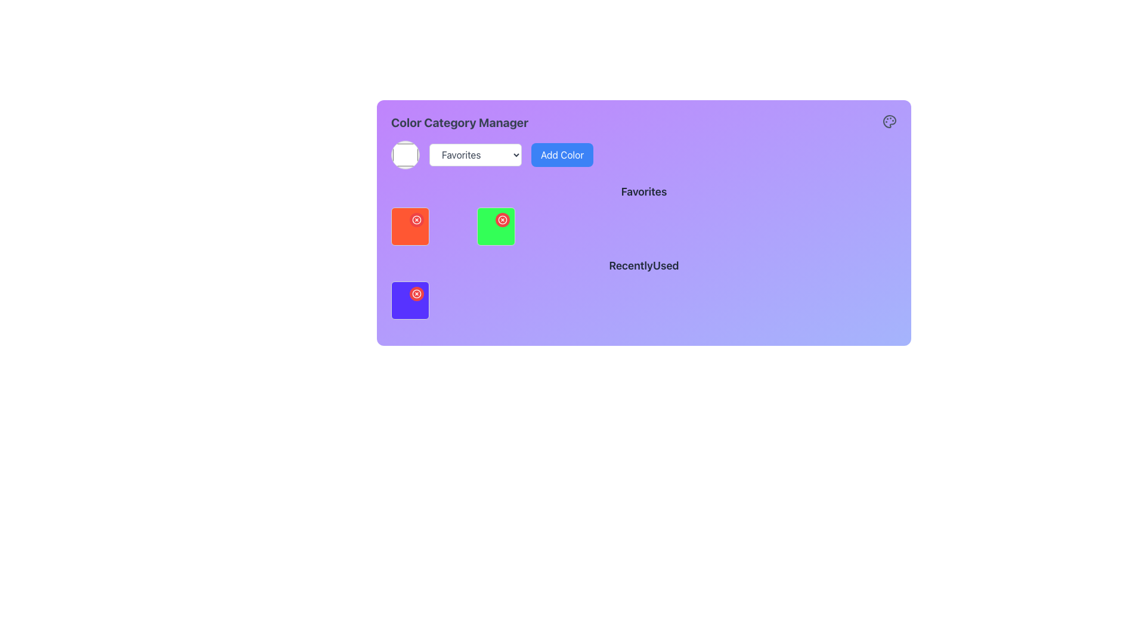 Image resolution: width=1145 pixels, height=644 pixels. What do you see at coordinates (562, 154) in the screenshot?
I see `the 'Add Color' button, which is a rectangular button with rounded edges, blue background, and white text, located to the right of the 'Favorites' dropdown` at bounding box center [562, 154].